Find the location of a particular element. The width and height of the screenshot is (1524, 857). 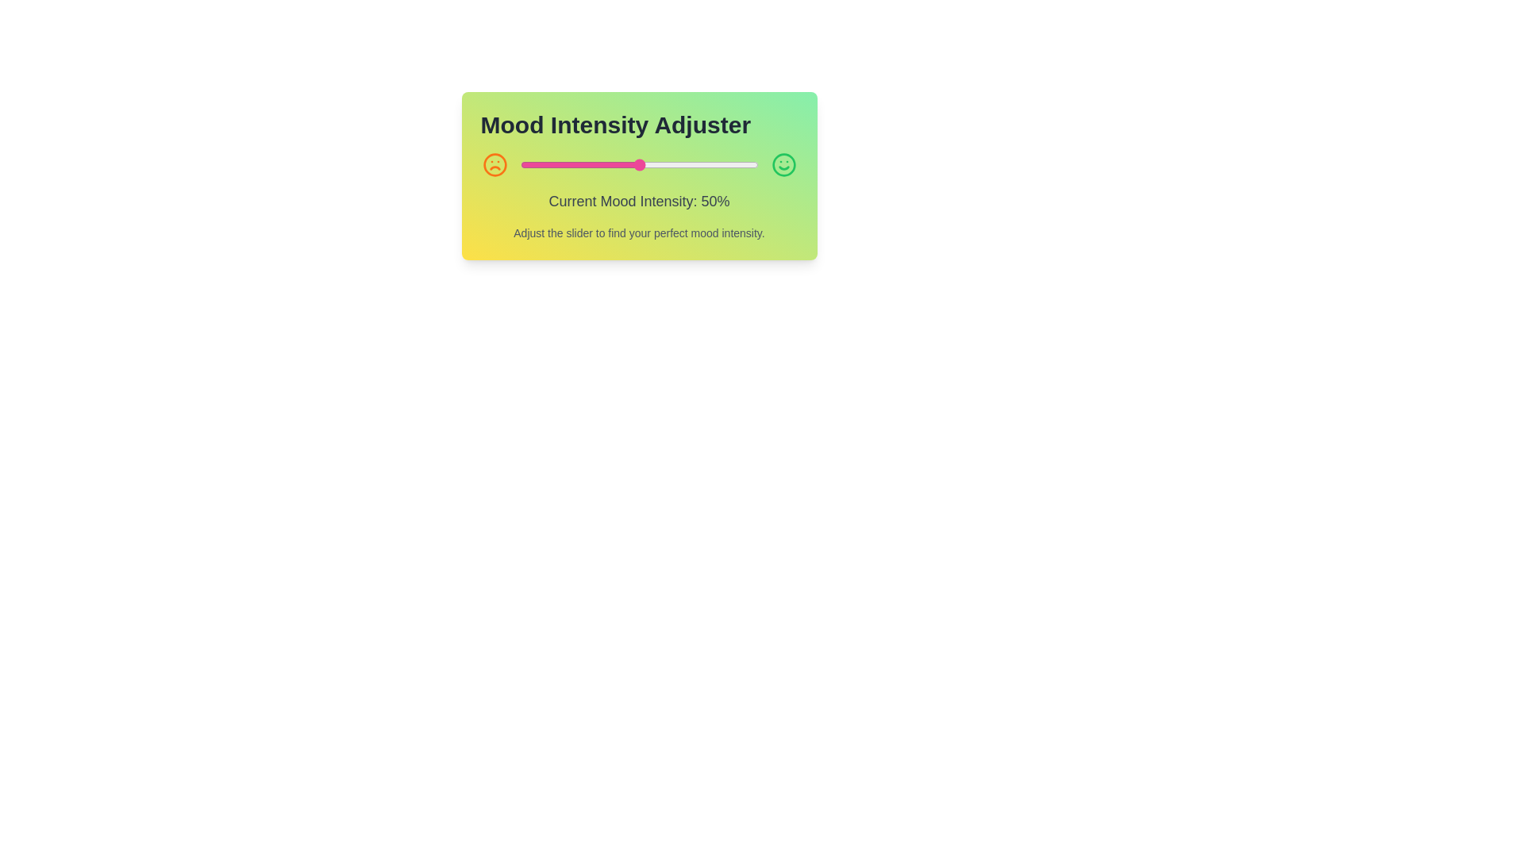

the mood intensity slider to 73% is located at coordinates (694, 165).